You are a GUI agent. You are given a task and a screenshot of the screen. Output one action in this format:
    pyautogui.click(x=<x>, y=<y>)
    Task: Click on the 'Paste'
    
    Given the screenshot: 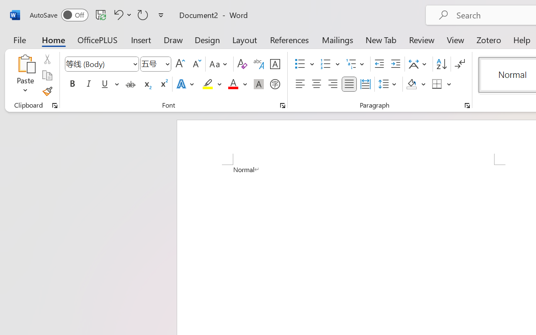 What is the action you would take?
    pyautogui.click(x=25, y=75)
    